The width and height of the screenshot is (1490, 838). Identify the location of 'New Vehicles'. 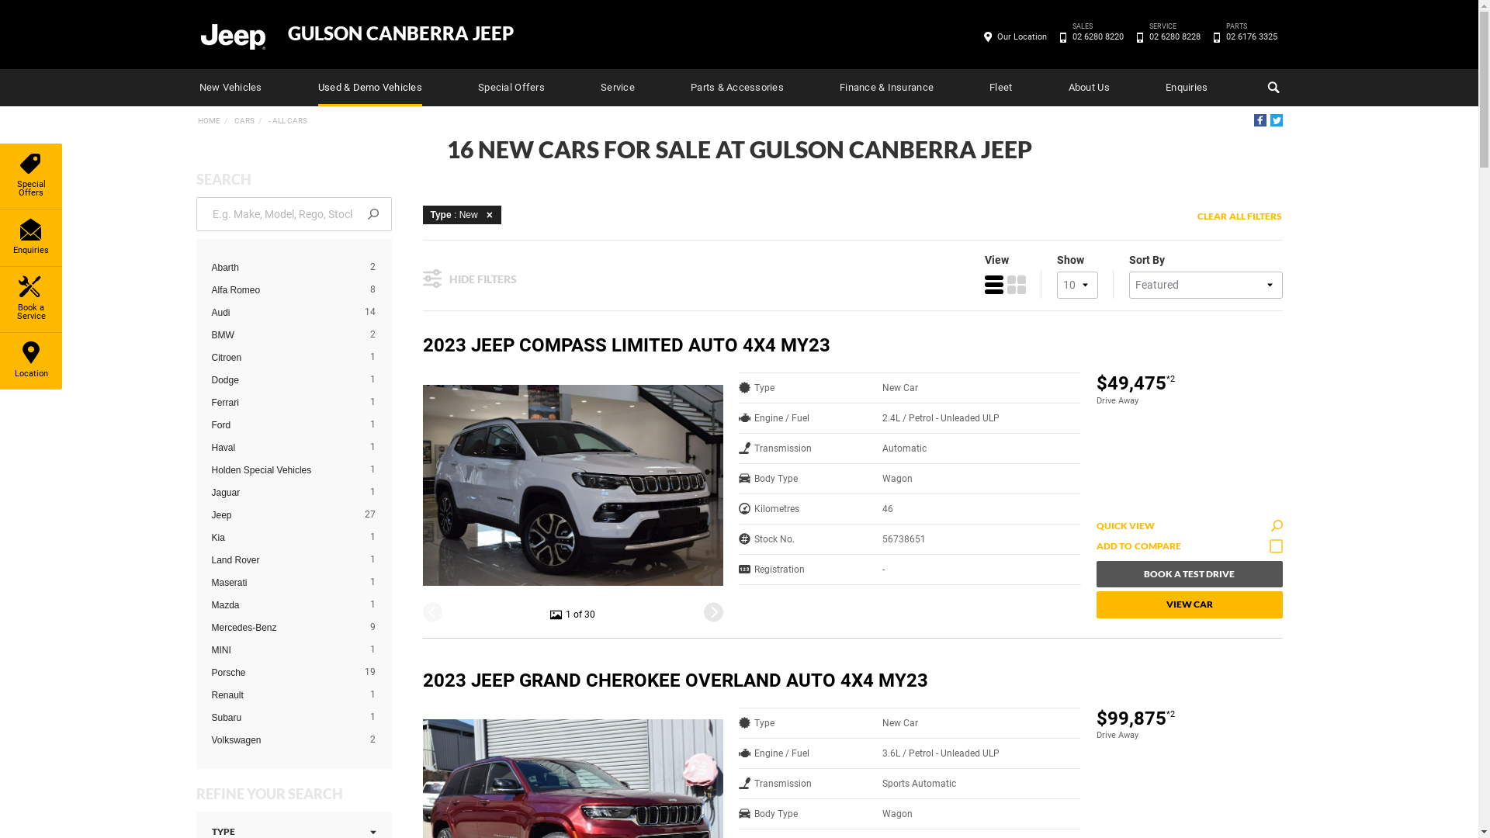
(229, 87).